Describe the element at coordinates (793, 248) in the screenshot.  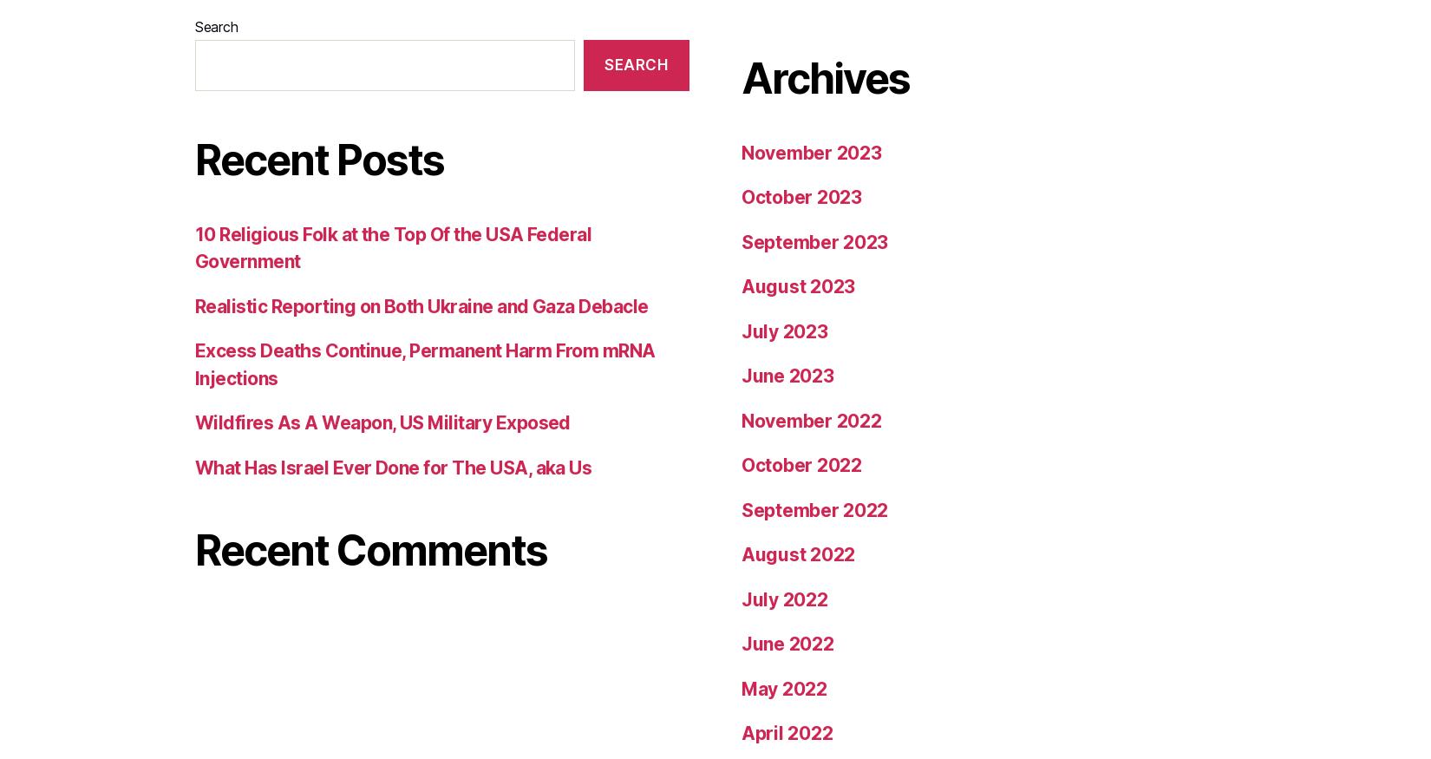
I see `'March 2022'` at that location.